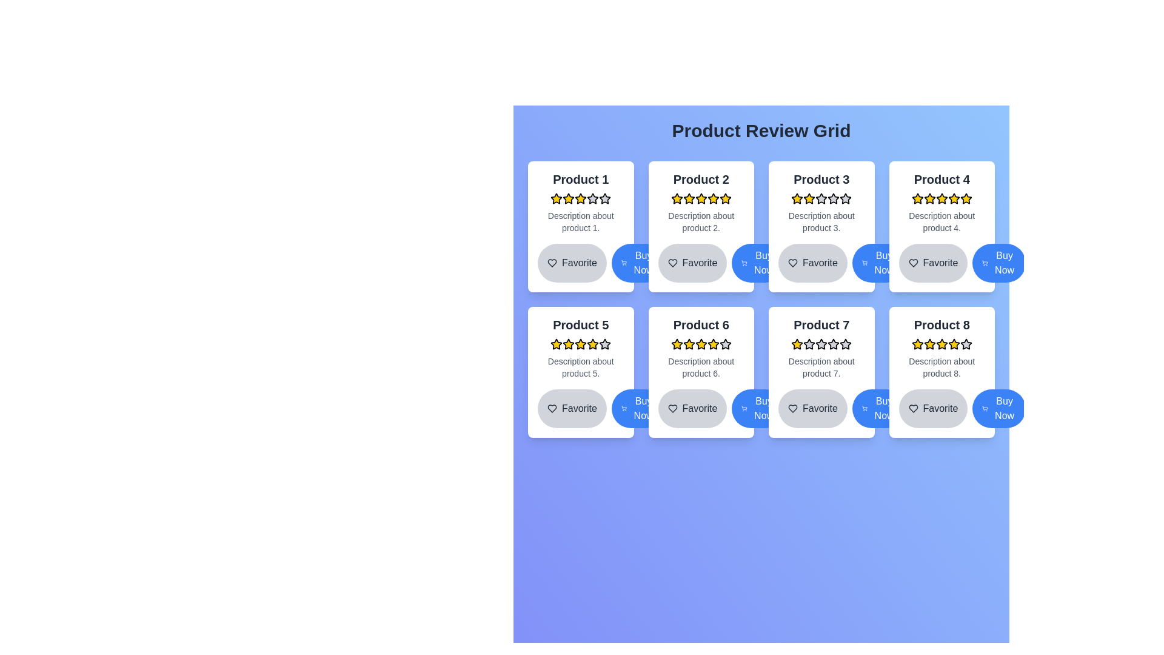 The width and height of the screenshot is (1164, 655). I want to click on the cart icon located inside the 'Buy Now' button, so click(864, 263).